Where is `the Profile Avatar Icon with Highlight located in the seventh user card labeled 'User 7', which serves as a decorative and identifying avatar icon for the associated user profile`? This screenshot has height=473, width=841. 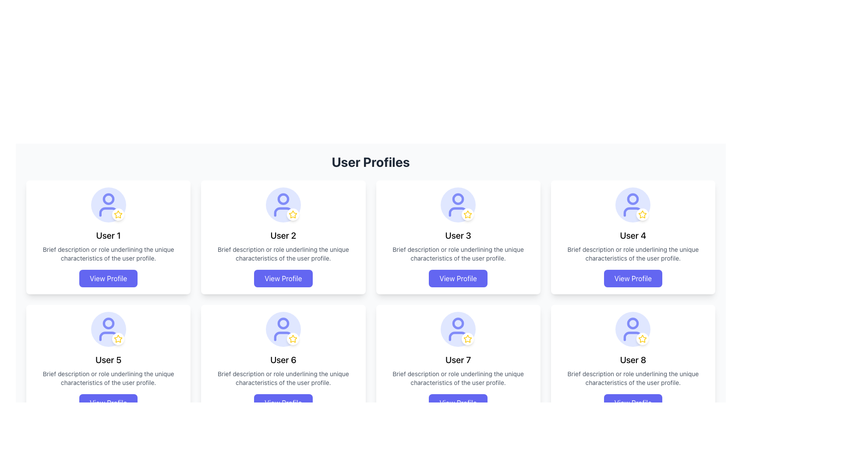
the Profile Avatar Icon with Highlight located in the seventh user card labeled 'User 7', which serves as a decorative and identifying avatar icon for the associated user profile is located at coordinates (458, 329).